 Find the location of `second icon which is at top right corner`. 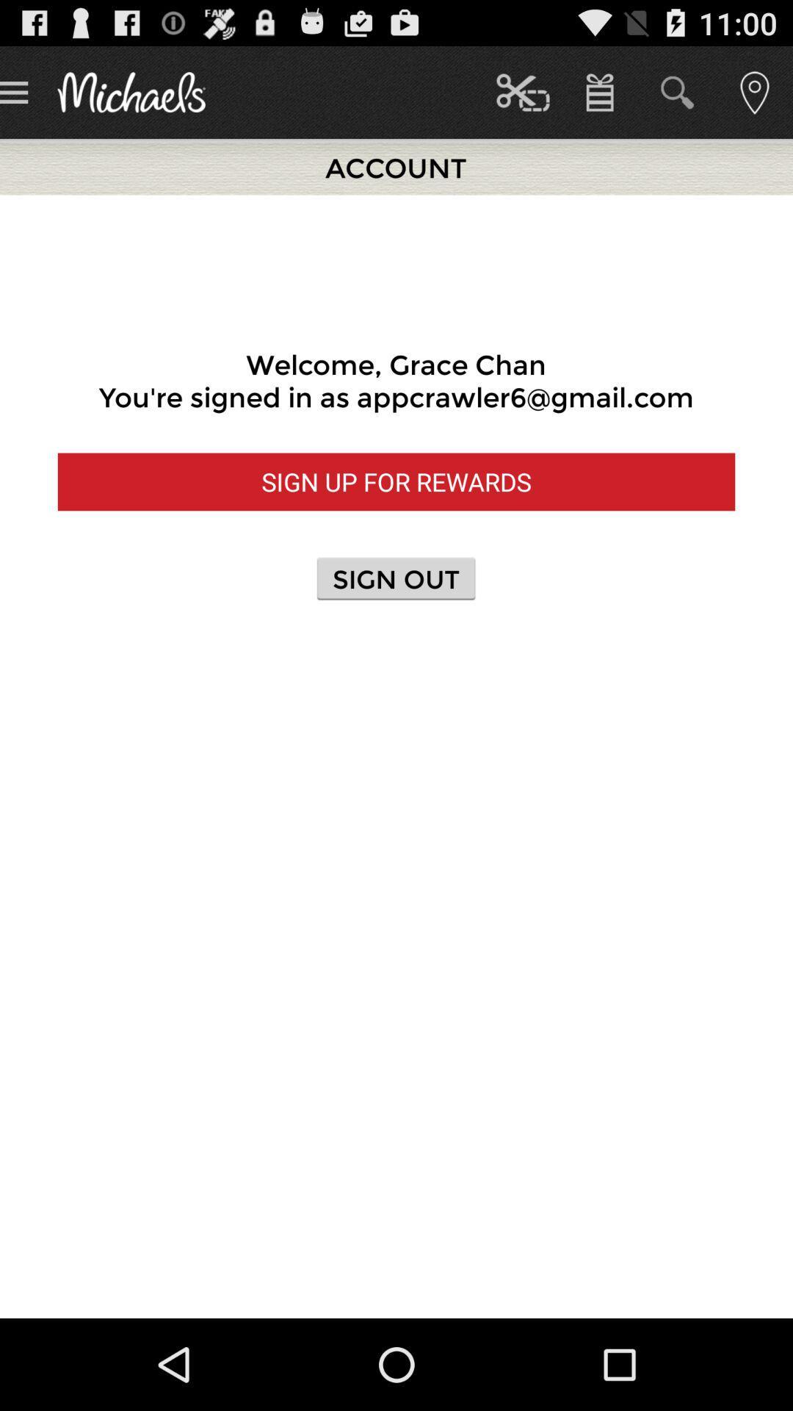

second icon which is at top right corner is located at coordinates (677, 91).